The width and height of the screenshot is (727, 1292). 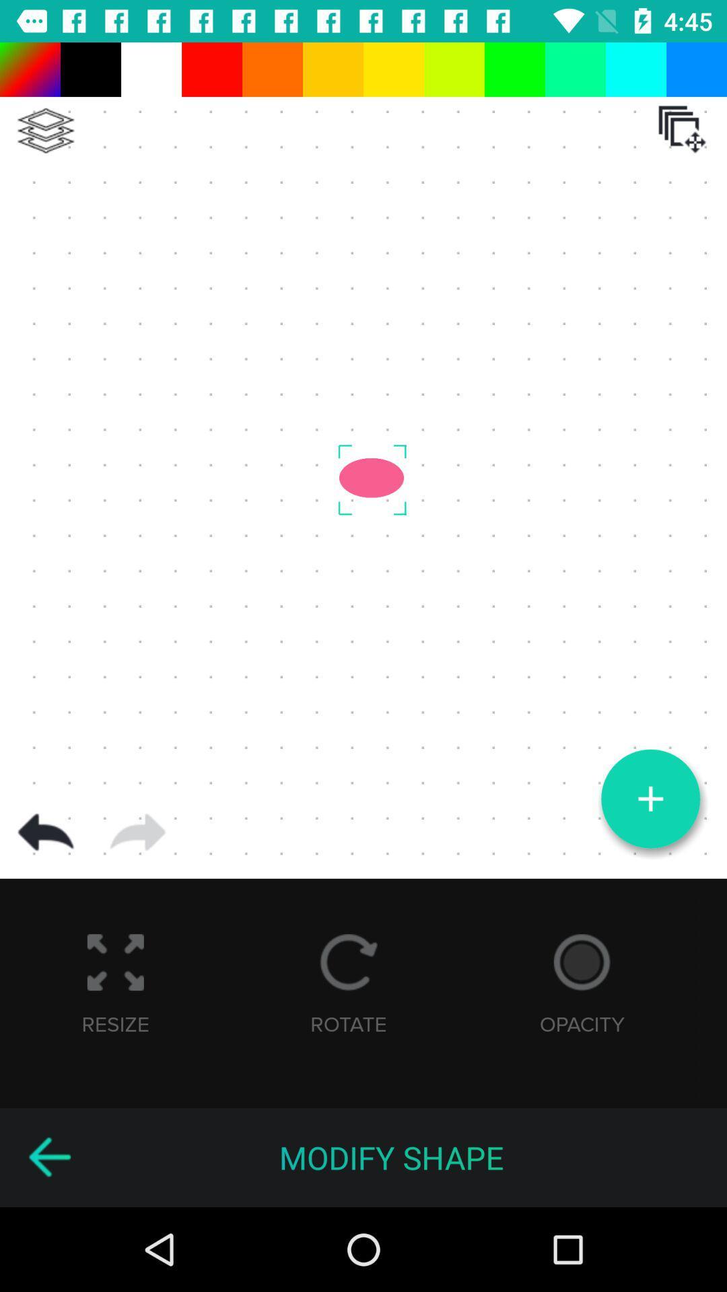 I want to click on button, so click(x=650, y=799).